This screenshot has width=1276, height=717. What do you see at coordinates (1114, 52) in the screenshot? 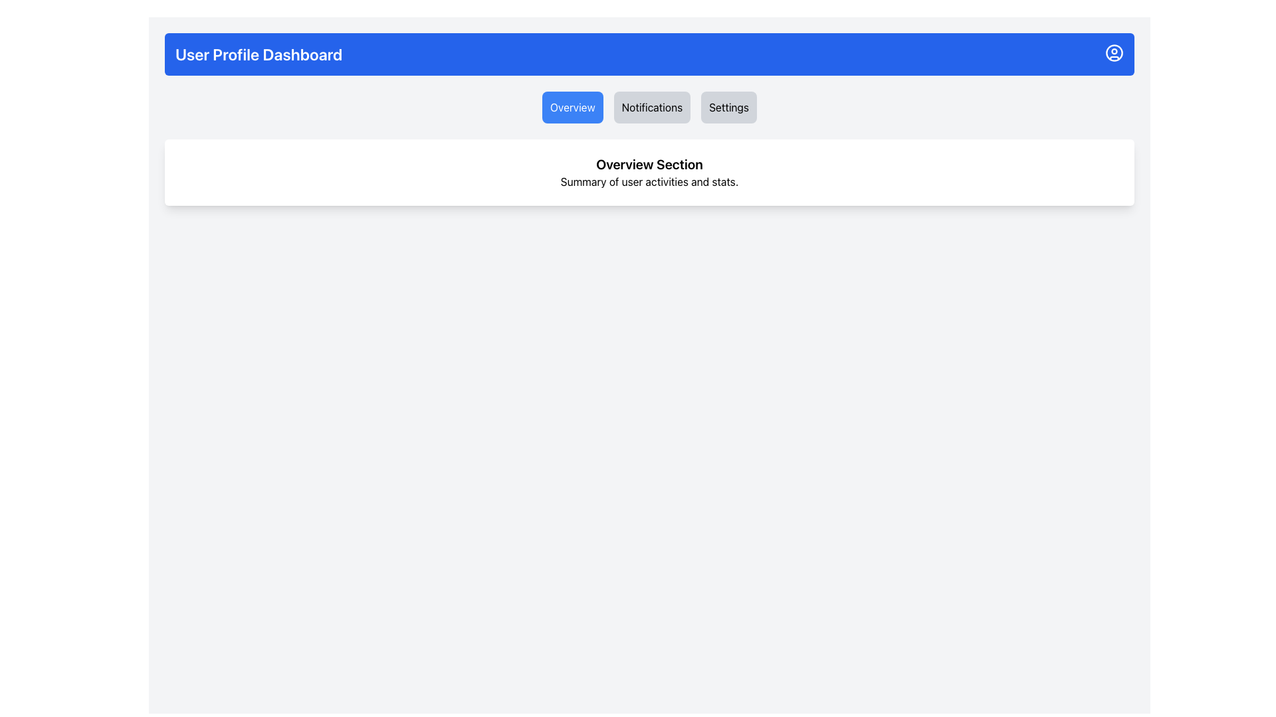
I see `the small circular user profile icon with a blue outline in the top right corner of the 'User Profile Dashboard' header` at bounding box center [1114, 52].